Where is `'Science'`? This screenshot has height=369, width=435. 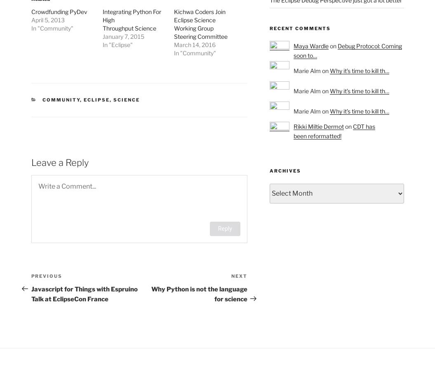
'Science' is located at coordinates (126, 99).